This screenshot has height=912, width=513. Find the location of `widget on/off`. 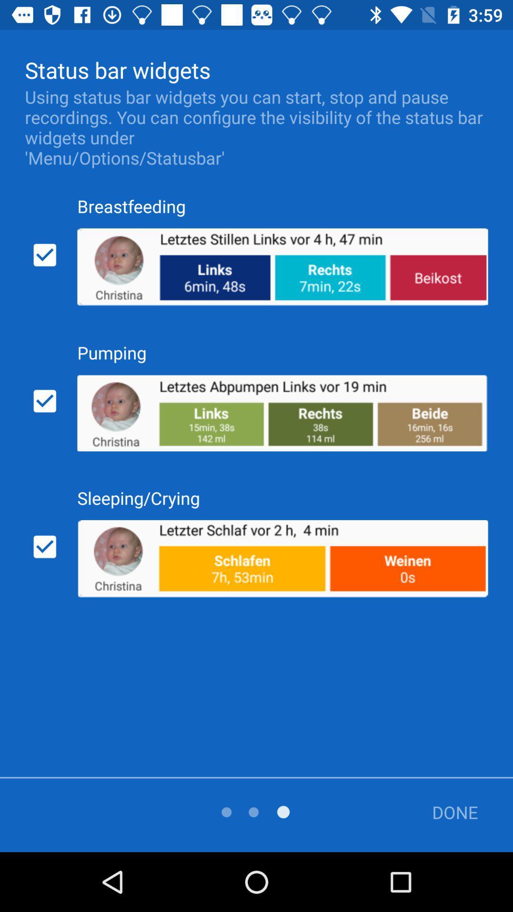

widget on/off is located at coordinates (45, 401).